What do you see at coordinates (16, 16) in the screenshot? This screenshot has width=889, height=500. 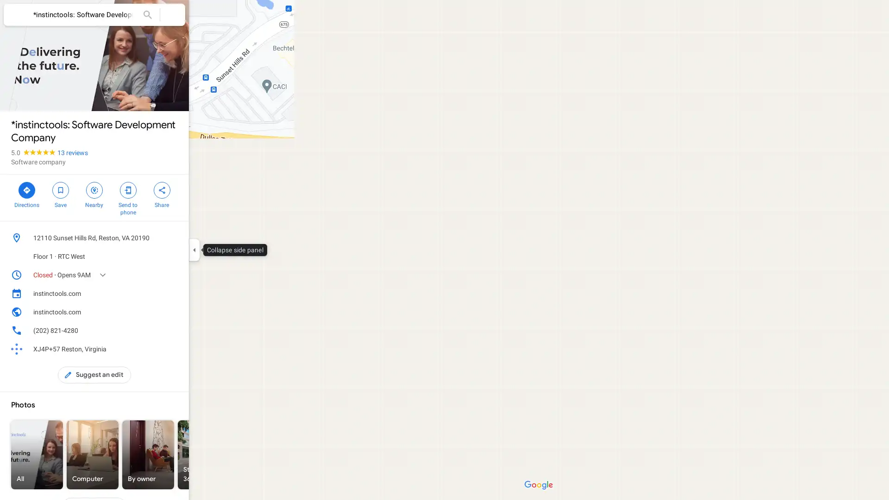 I see `Menu` at bounding box center [16, 16].